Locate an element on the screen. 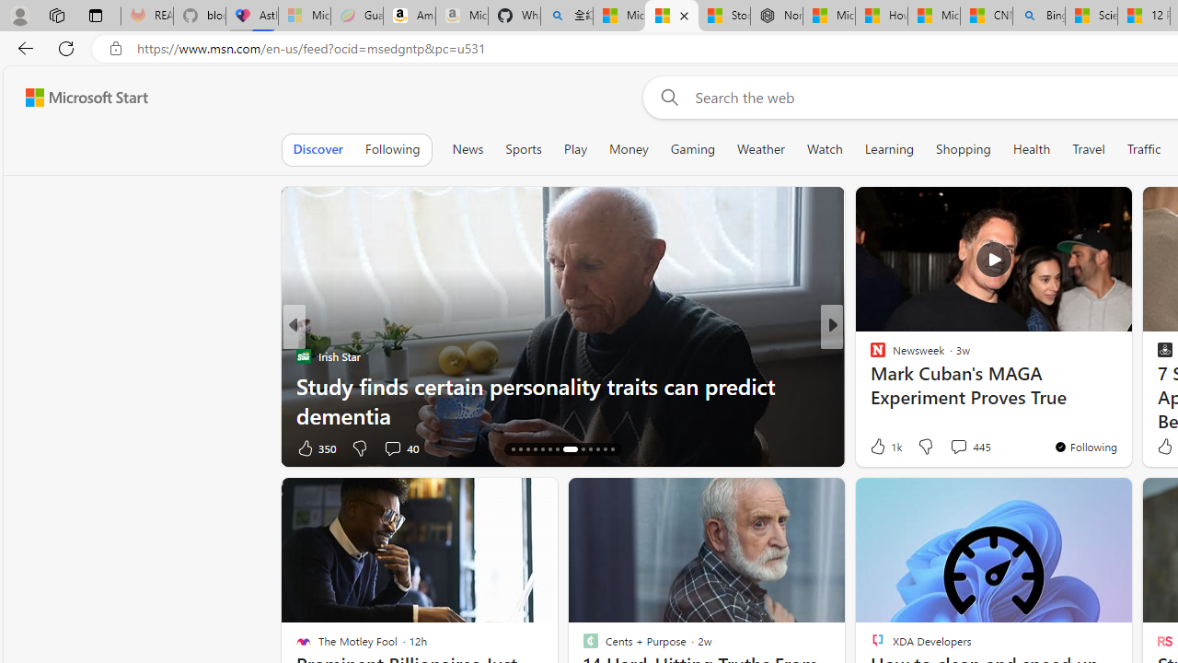  'View comments 34 Comment' is located at coordinates (961, 448).